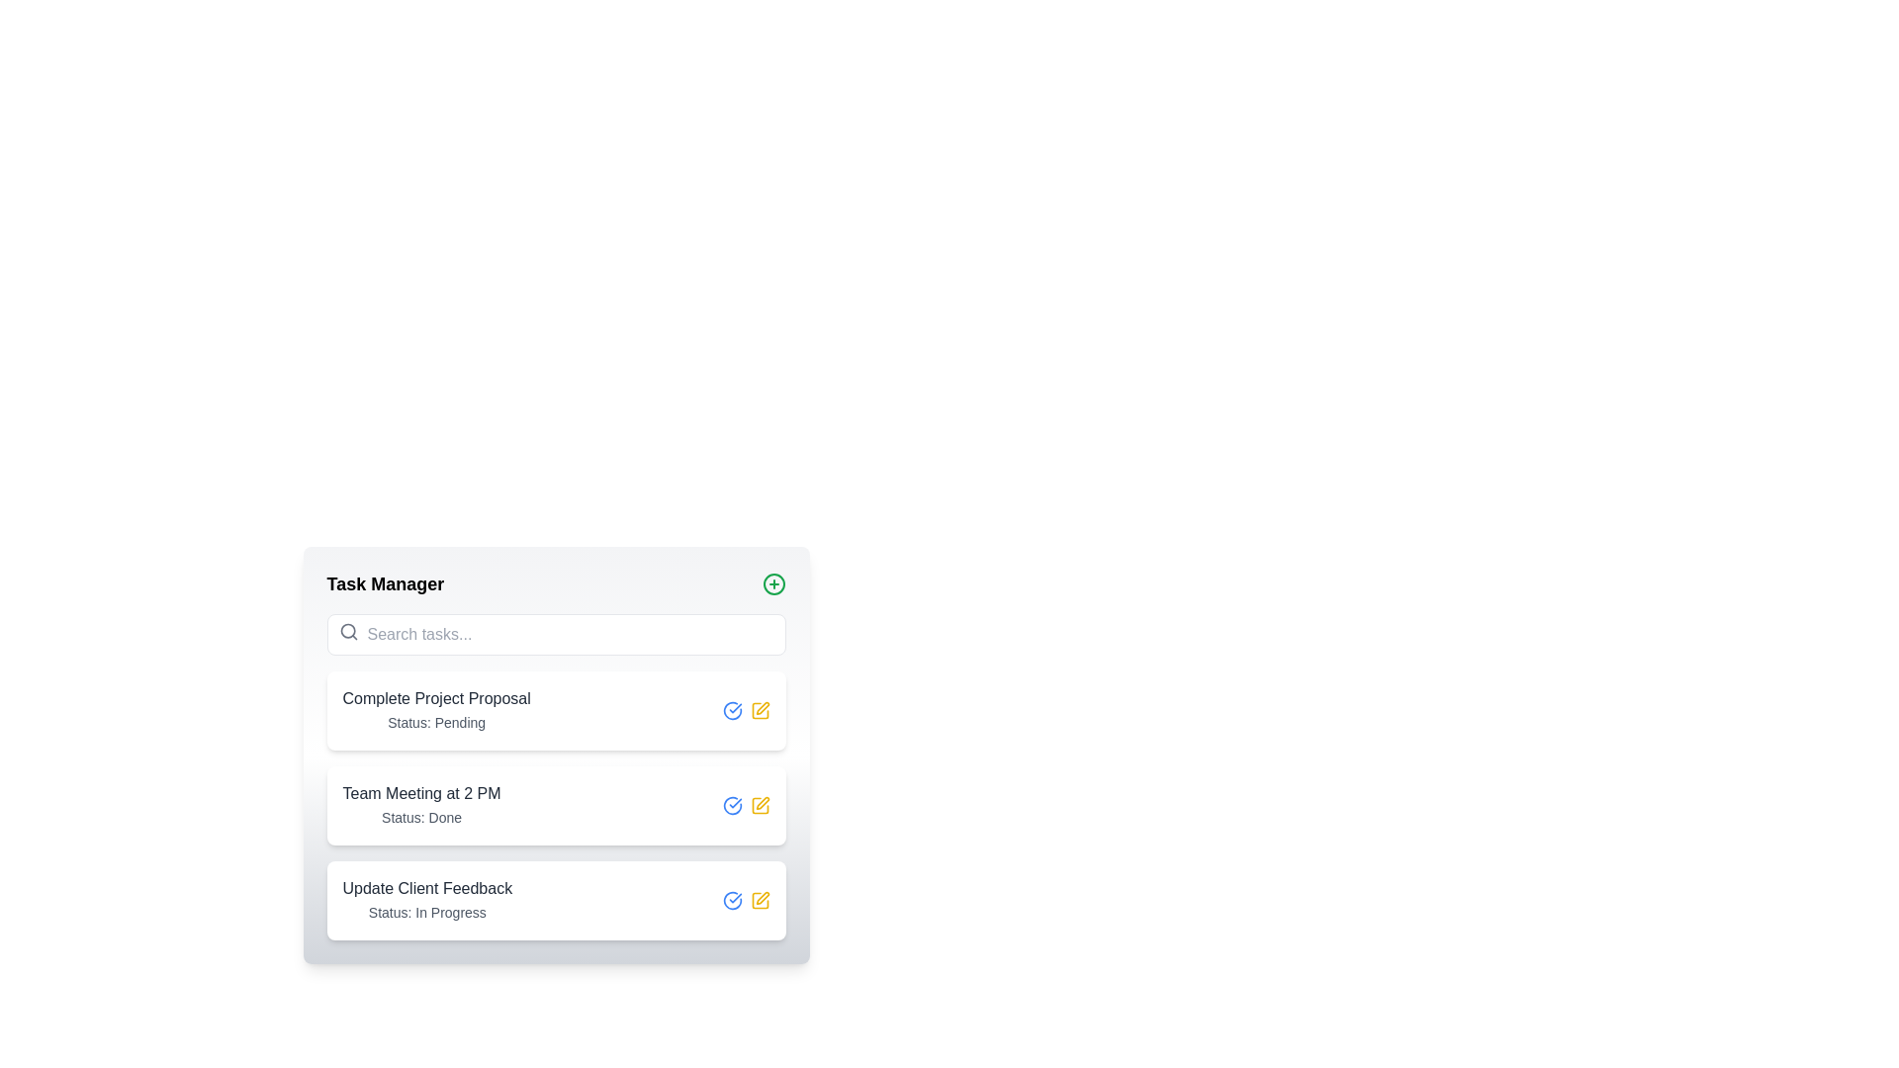 The image size is (1899, 1068). I want to click on the completion status icon located to the left of the yellow pen icon in the horizontal group of icons for the 'Team Meeting at 2 PM' task, so click(731, 805).